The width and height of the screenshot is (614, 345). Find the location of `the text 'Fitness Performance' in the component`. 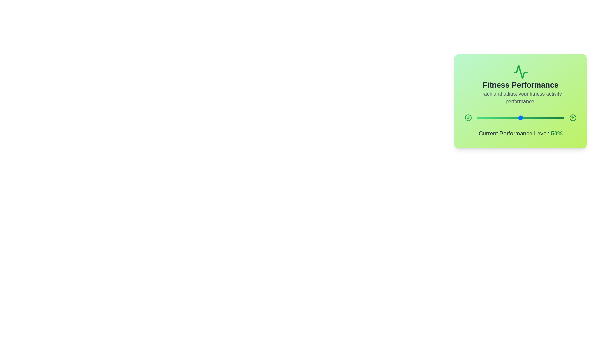

the text 'Fitness Performance' in the component is located at coordinates (520, 85).